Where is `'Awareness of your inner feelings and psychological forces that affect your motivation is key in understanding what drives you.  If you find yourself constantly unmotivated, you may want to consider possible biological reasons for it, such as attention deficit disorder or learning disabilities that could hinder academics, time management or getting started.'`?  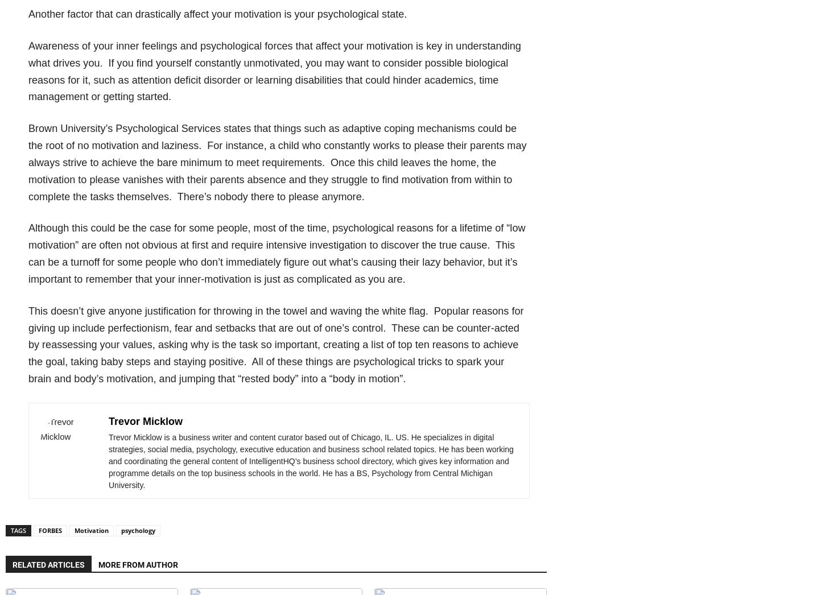 'Awareness of your inner feelings and psychological forces that affect your motivation is key in understanding what drives you.  If you find yourself constantly unmotivated, you may want to consider possible biological reasons for it, such as attention deficit disorder or learning disabilities that could hinder academics, time management or getting started.' is located at coordinates (274, 70).